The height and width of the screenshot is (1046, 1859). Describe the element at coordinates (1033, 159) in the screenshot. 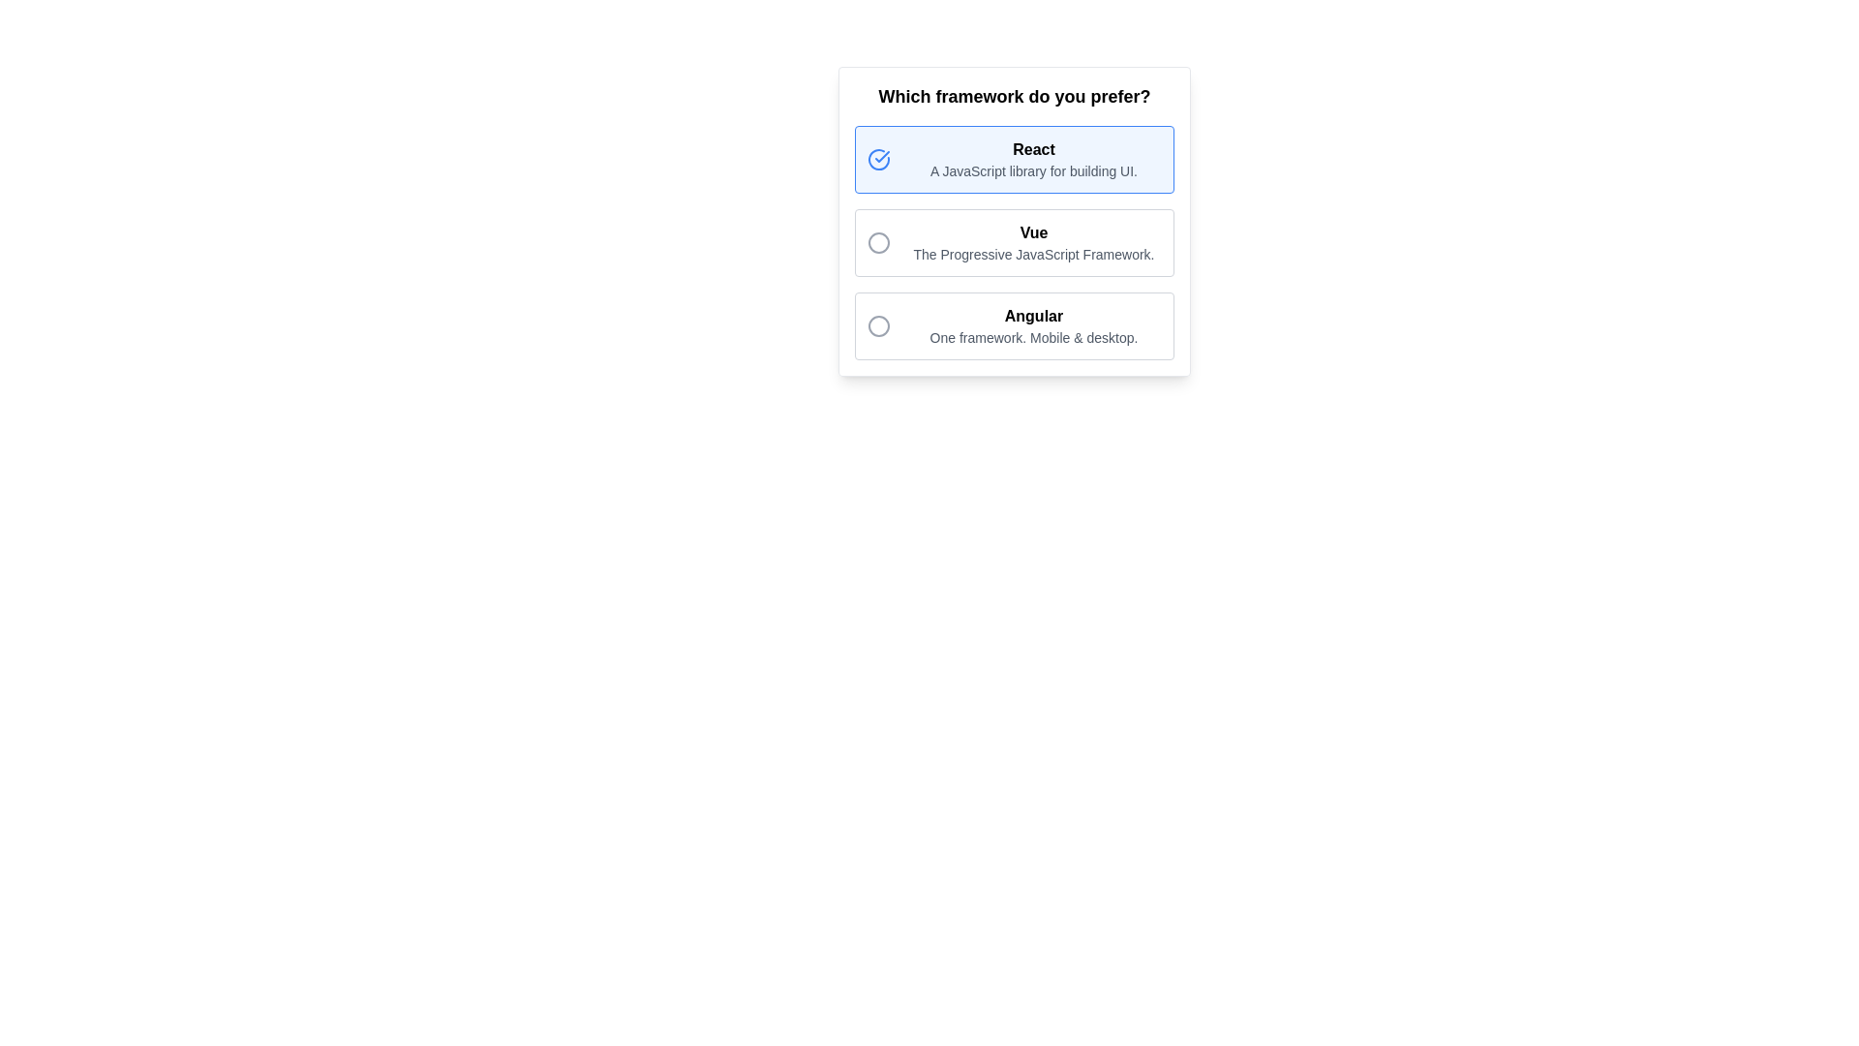

I see `the main textual component of the topmost option in the vertical stack of framework options, which displays the name and description of the 'React' framework` at that location.